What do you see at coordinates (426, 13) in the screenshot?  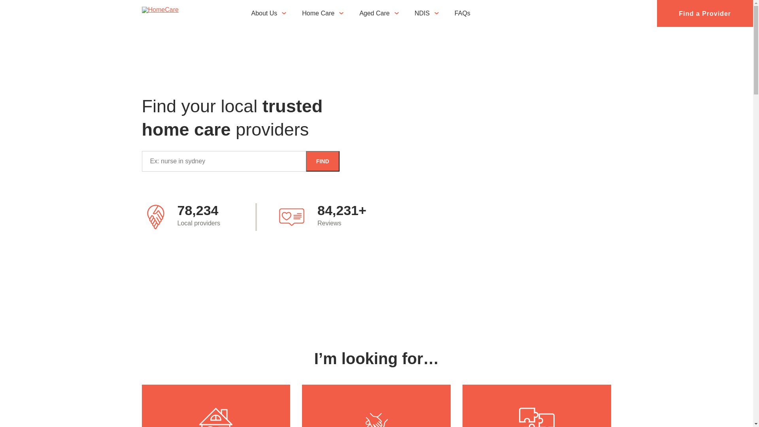 I see `'NDIS'` at bounding box center [426, 13].